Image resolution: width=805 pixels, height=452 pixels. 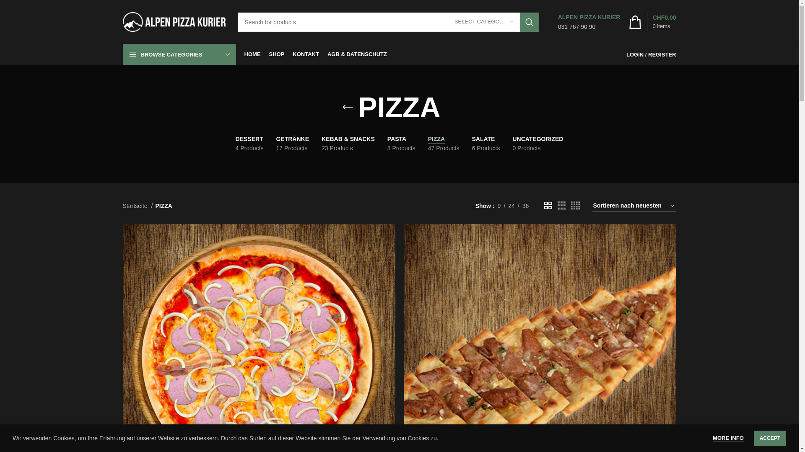 I want to click on 'Startseite', so click(x=137, y=206).